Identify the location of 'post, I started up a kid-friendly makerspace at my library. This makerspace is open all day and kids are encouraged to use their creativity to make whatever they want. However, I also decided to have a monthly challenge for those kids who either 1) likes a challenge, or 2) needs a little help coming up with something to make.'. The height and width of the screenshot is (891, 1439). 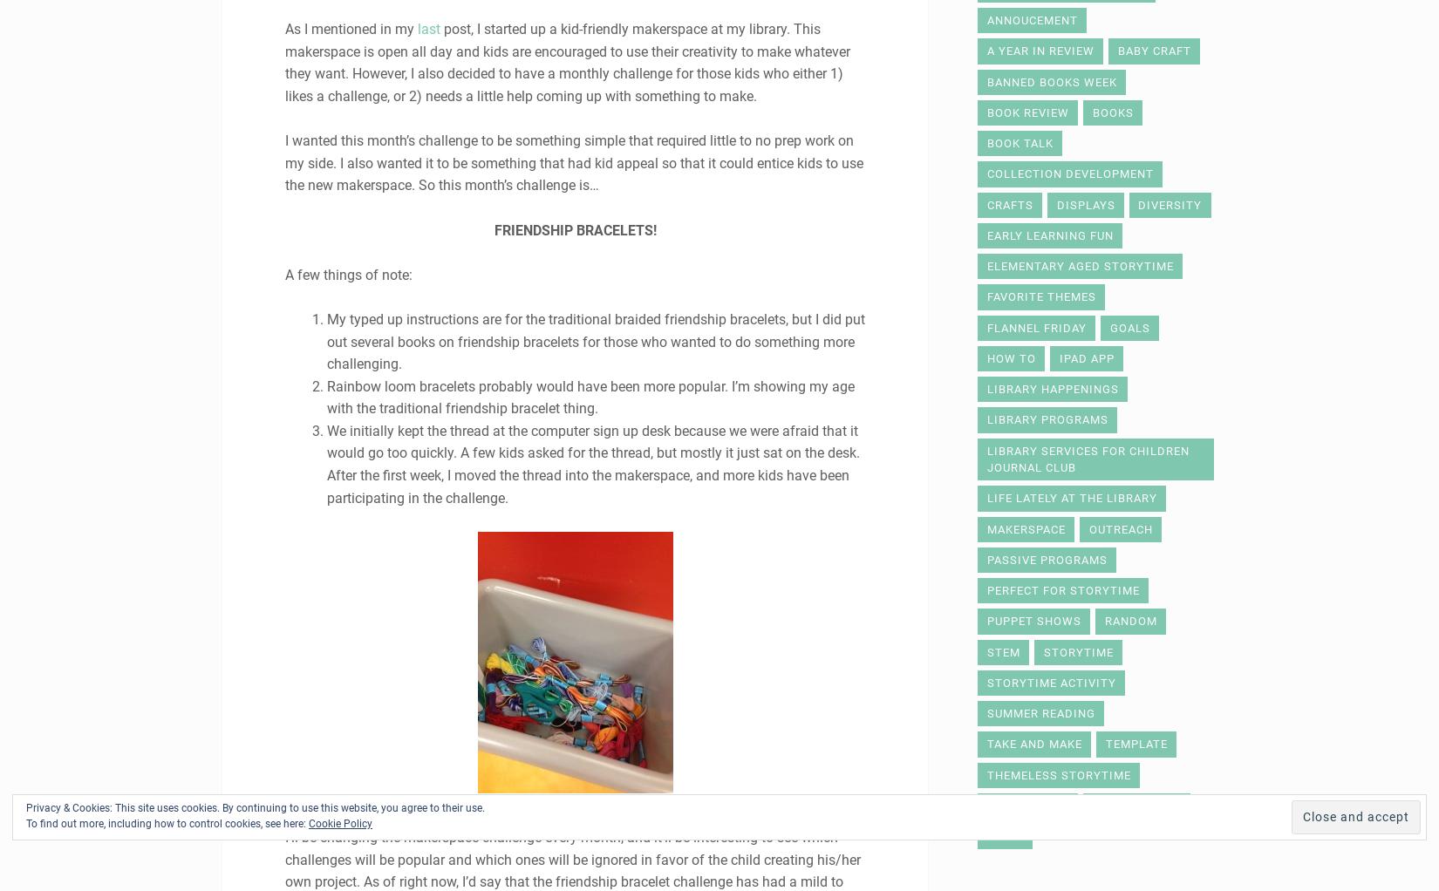
(566, 62).